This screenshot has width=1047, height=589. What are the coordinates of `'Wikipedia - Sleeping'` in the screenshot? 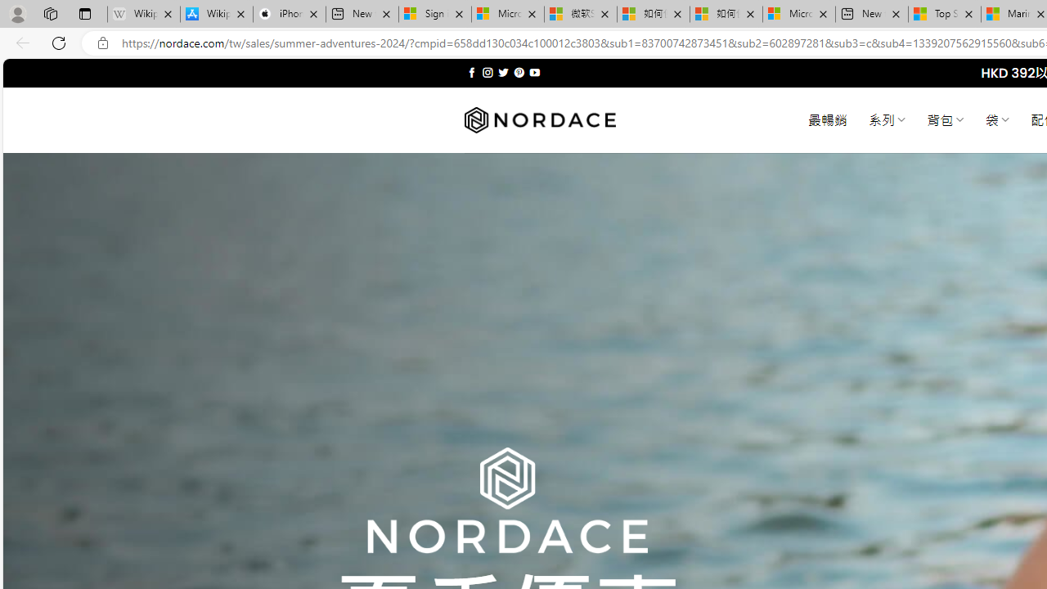 It's located at (144, 14).